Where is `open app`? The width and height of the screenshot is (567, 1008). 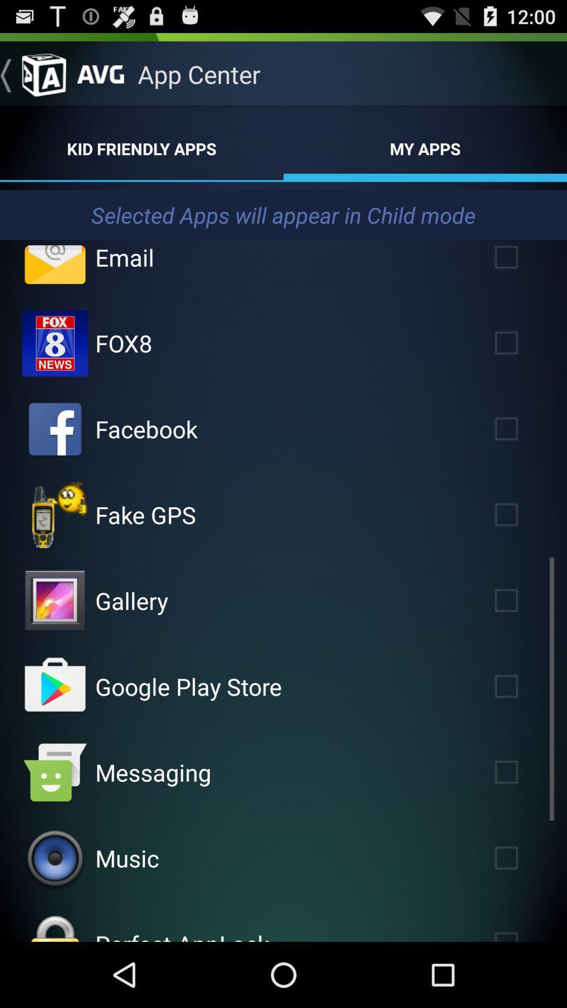
open app is located at coordinates (55, 514).